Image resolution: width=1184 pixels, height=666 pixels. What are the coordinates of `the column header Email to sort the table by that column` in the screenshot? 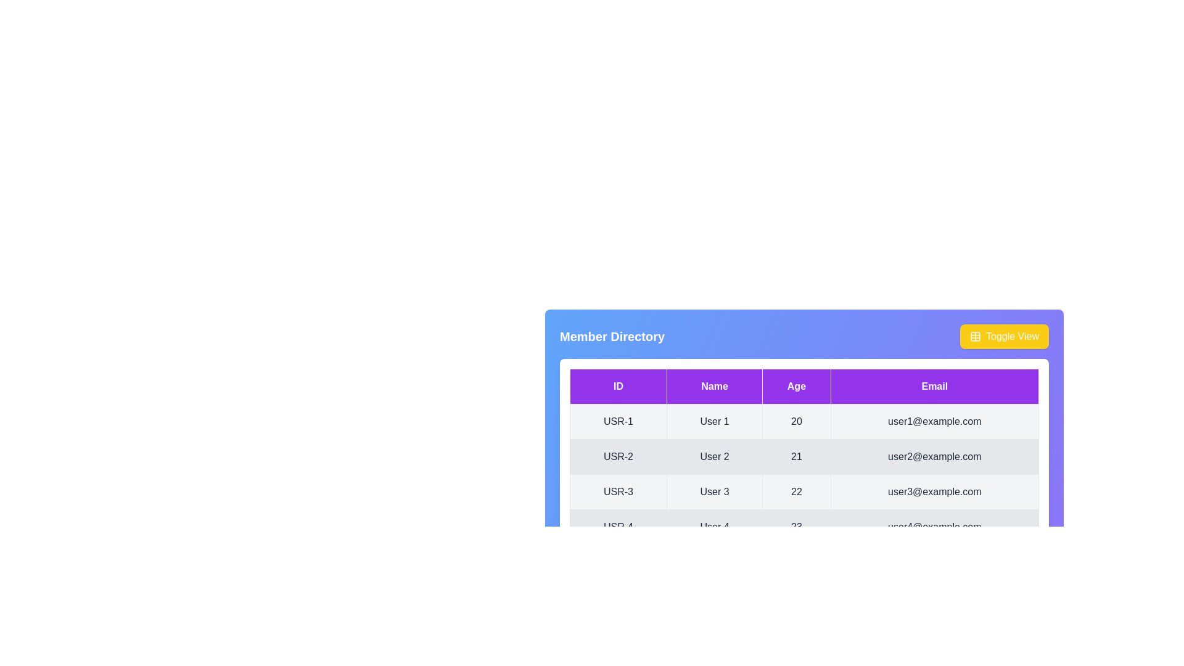 It's located at (934, 386).